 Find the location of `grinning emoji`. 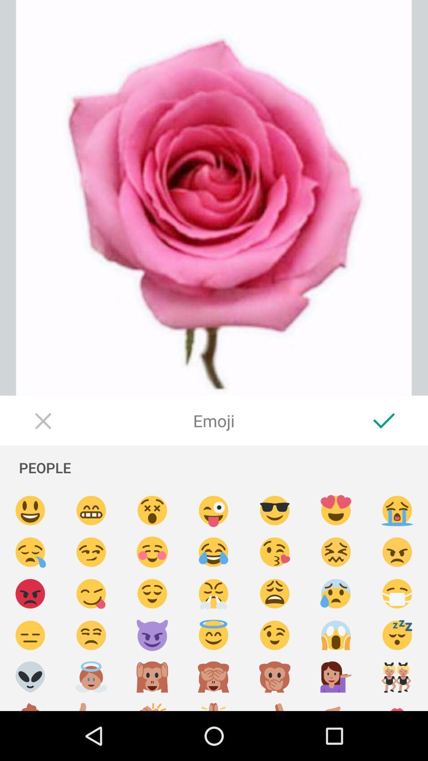

grinning emoji is located at coordinates (91, 511).